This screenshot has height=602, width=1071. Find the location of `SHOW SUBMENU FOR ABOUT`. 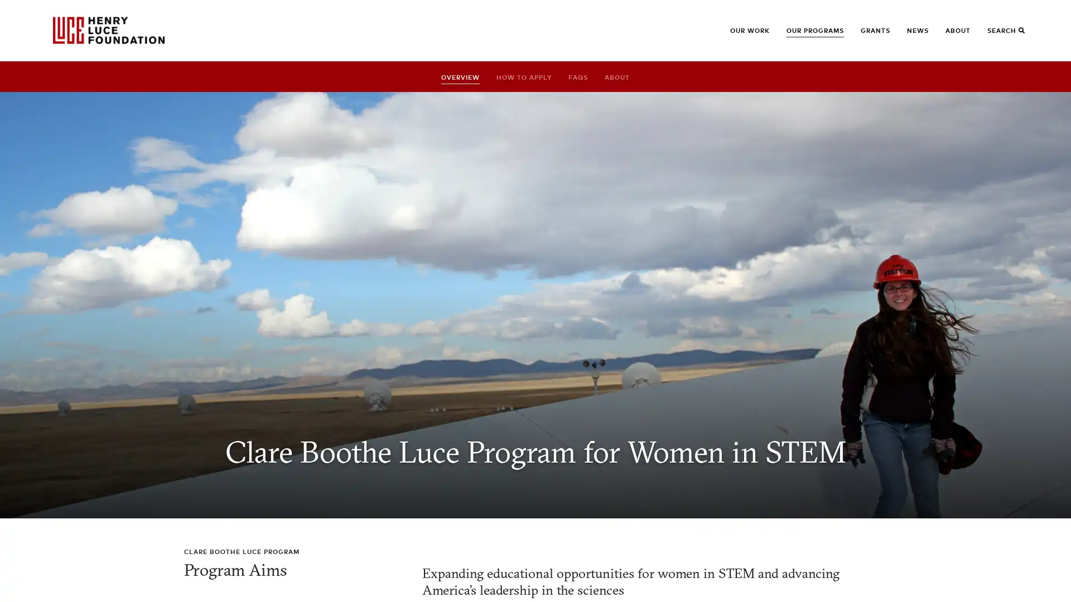

SHOW SUBMENU FOR ABOUT is located at coordinates (963, 35).